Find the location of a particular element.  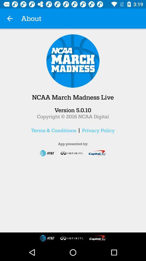

privacy policy is located at coordinates (98, 130).